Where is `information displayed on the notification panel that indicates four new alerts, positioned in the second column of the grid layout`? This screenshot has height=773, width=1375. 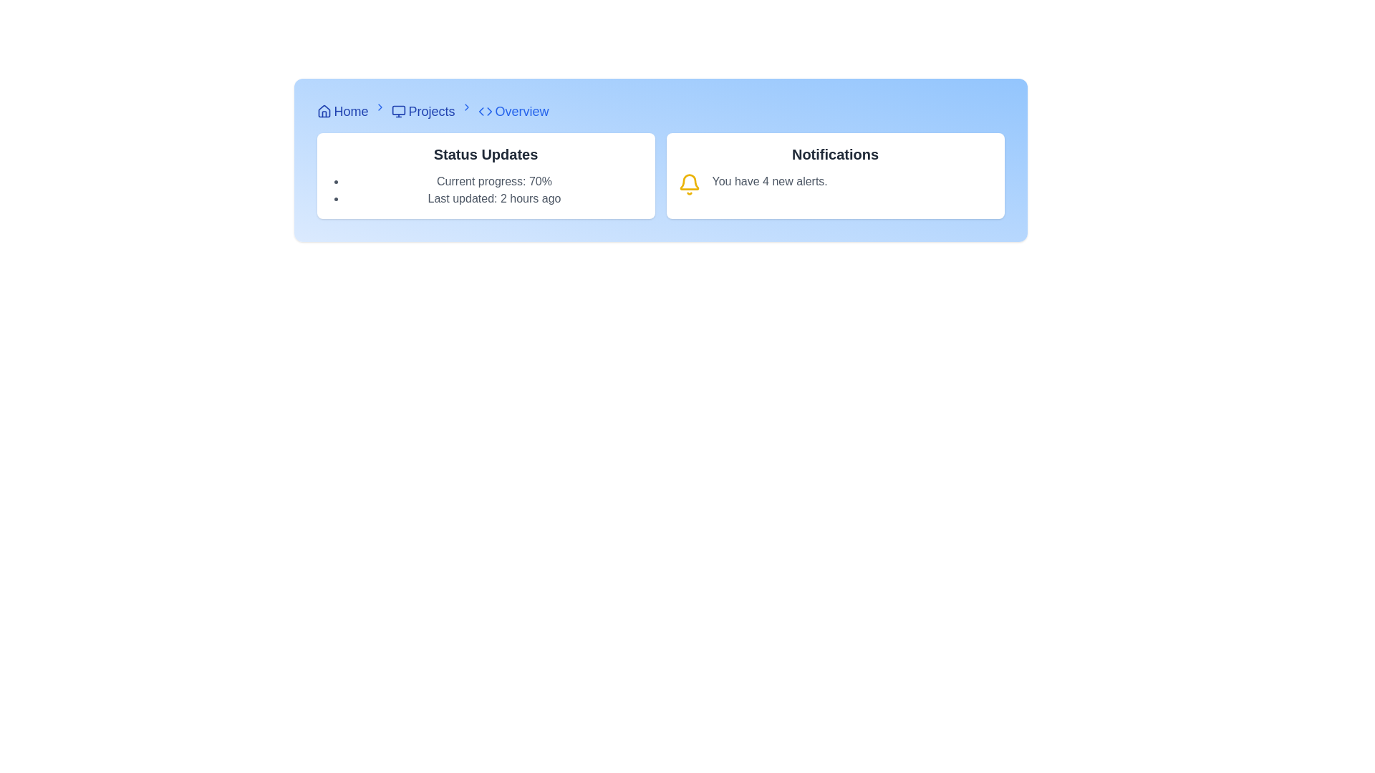 information displayed on the notification panel that indicates four new alerts, positioned in the second column of the grid layout is located at coordinates (835, 175).